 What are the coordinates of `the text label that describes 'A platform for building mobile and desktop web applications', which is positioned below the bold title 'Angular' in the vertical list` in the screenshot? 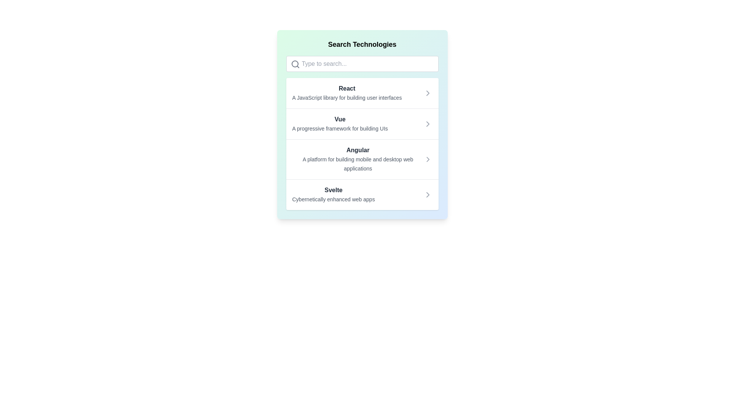 It's located at (358, 164).